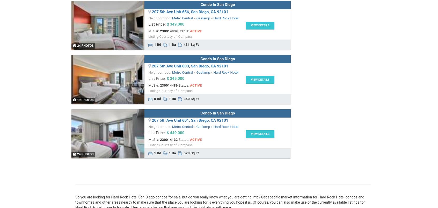  Describe the element at coordinates (189, 66) in the screenshot. I see `'207 5th Ave Unit 603, San Diego, CA 92101'` at that location.